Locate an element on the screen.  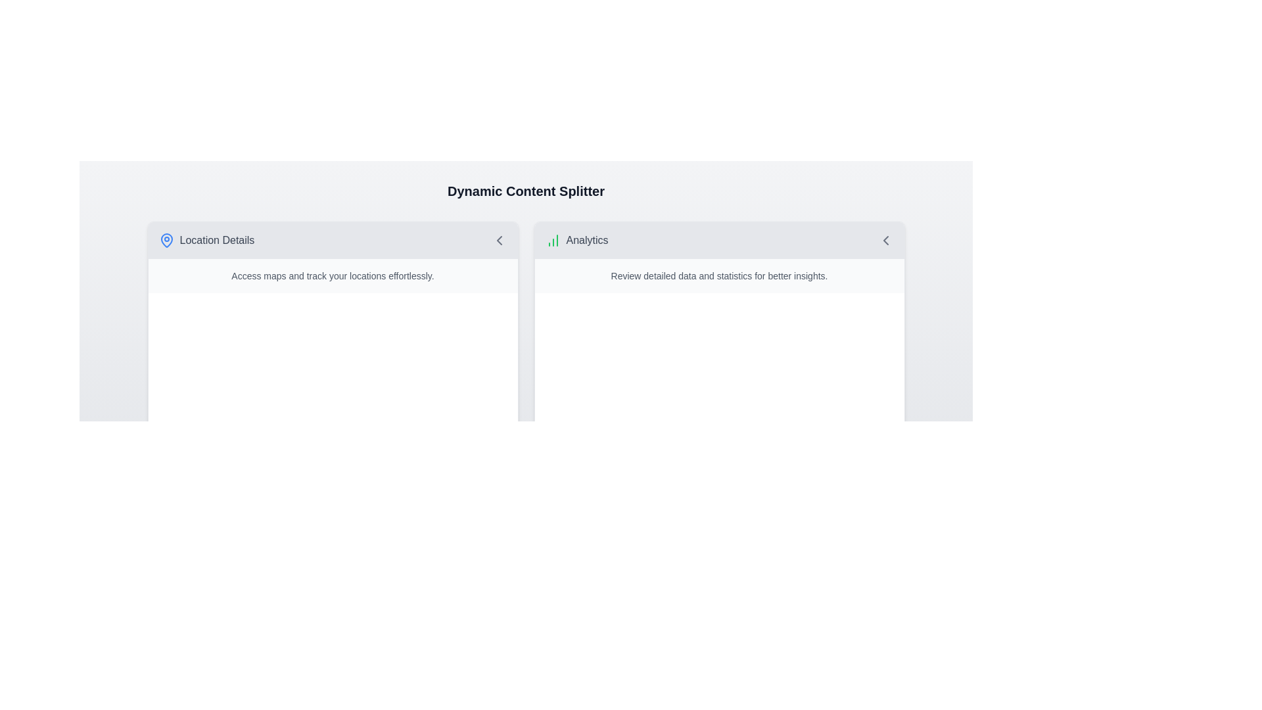
the 'Location Details' text label, which is positioned to the right of a blue map pin icon in the section header is located at coordinates (217, 241).